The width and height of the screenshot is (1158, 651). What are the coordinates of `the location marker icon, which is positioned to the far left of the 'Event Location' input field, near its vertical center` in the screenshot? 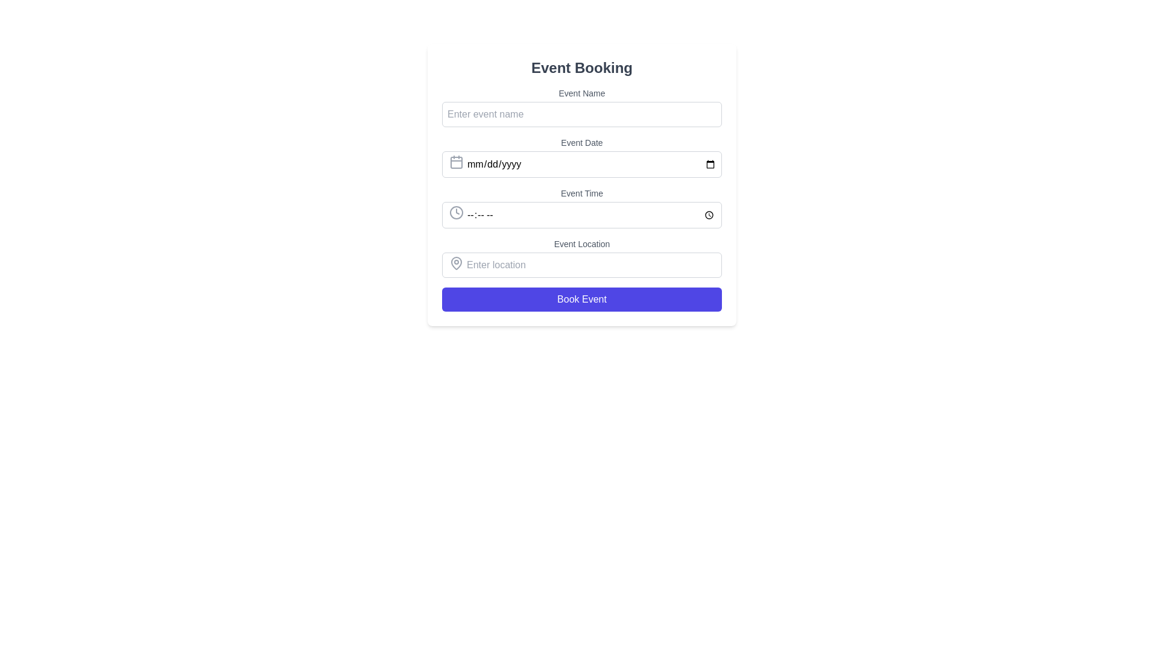 It's located at (456, 262).